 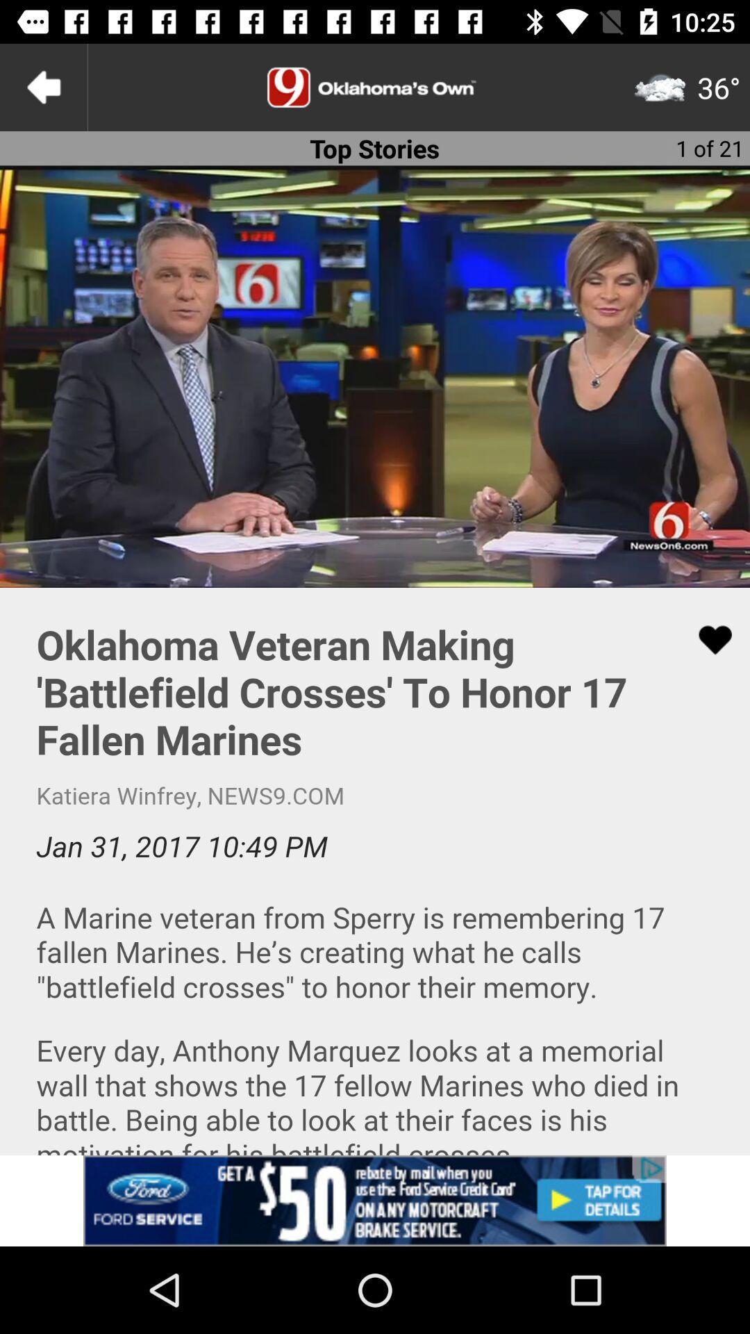 What do you see at coordinates (375, 86) in the screenshot?
I see `oklahoma 's own` at bounding box center [375, 86].